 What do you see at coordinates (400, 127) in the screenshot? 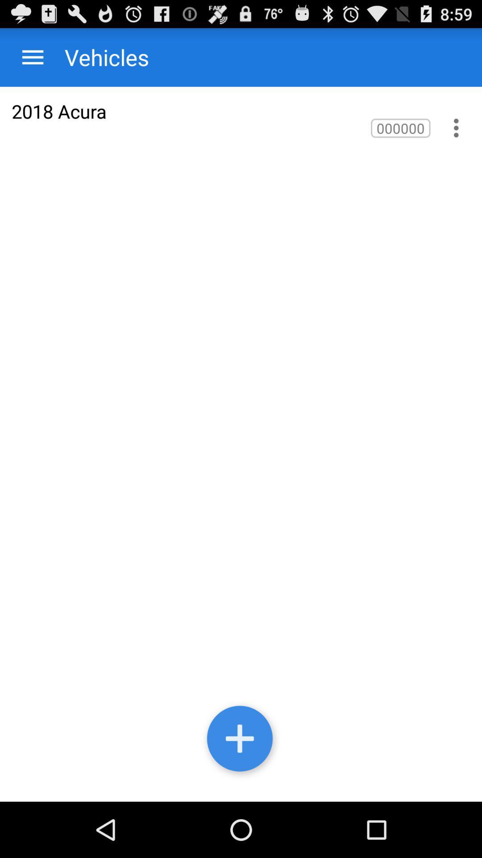
I see `000000 icon` at bounding box center [400, 127].